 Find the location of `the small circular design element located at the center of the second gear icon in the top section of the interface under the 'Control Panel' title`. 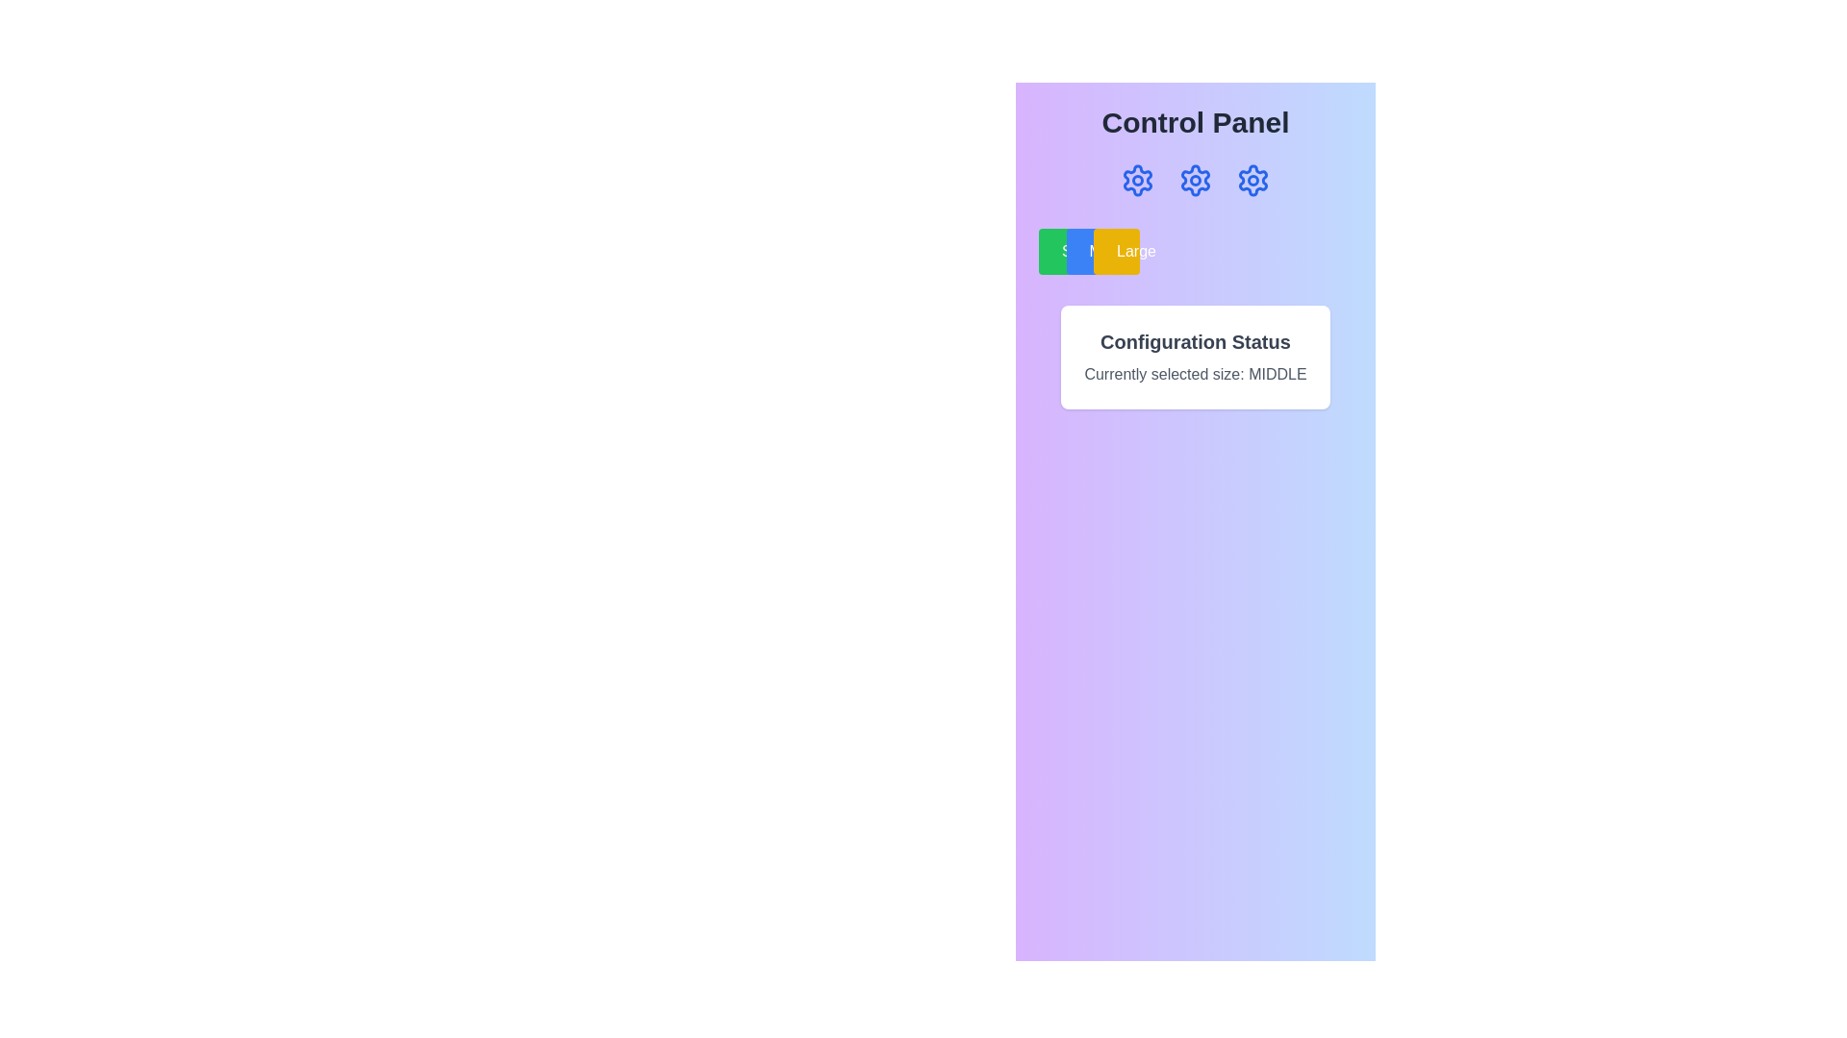

the small circular design element located at the center of the second gear icon in the top section of the interface under the 'Control Panel' title is located at coordinates (1195, 181).